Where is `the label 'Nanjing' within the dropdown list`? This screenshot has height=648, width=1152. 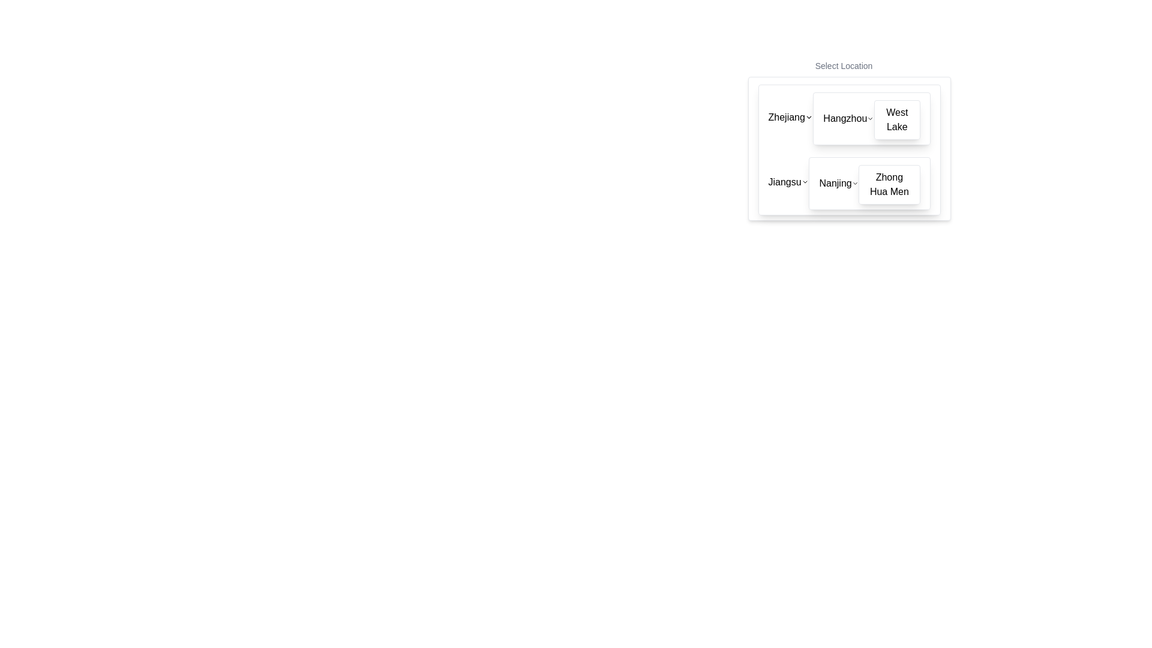 the label 'Nanjing' within the dropdown list is located at coordinates (848, 182).